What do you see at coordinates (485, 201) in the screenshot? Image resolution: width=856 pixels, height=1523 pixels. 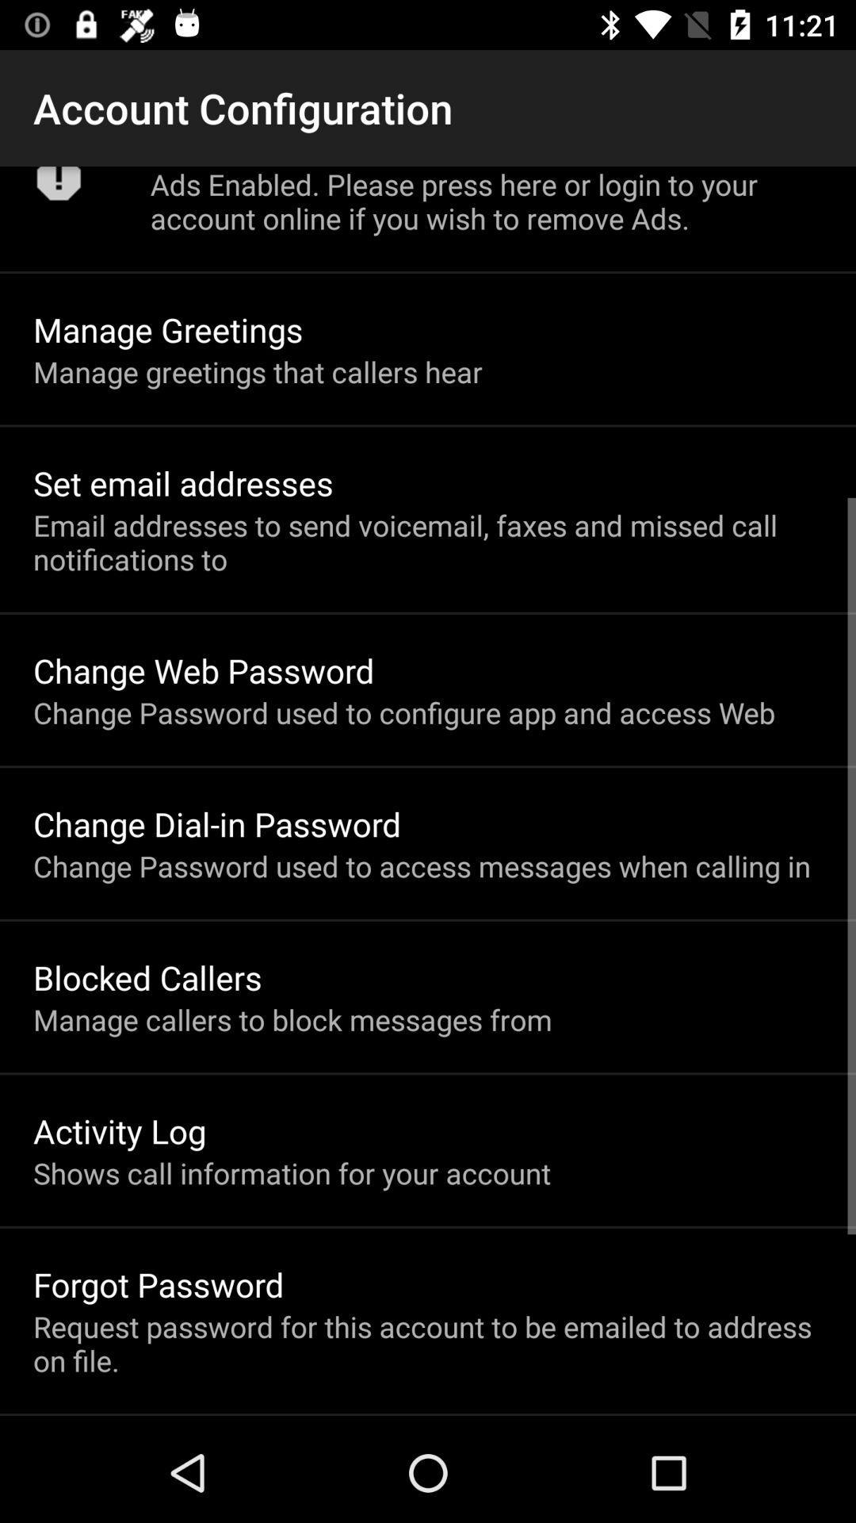 I see `the app above manage greetings icon` at bounding box center [485, 201].